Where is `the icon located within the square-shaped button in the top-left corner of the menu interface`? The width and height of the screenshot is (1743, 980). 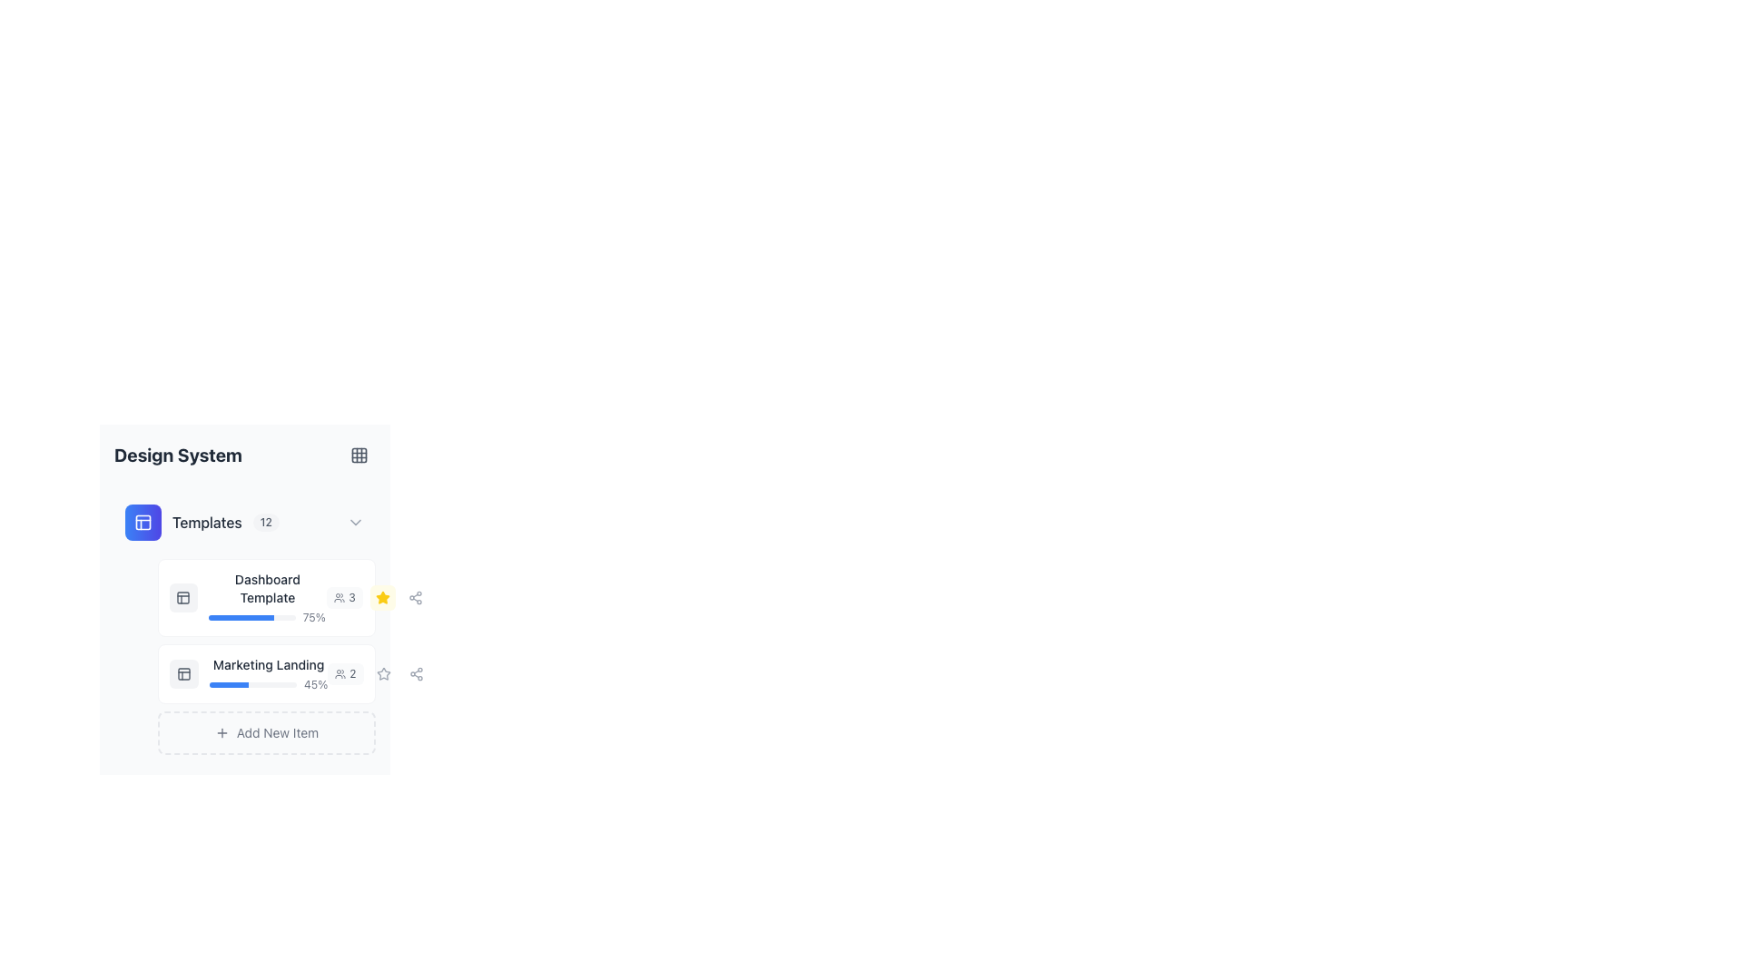
the icon located within the square-shaped button in the top-left corner of the menu interface is located at coordinates (183, 674).